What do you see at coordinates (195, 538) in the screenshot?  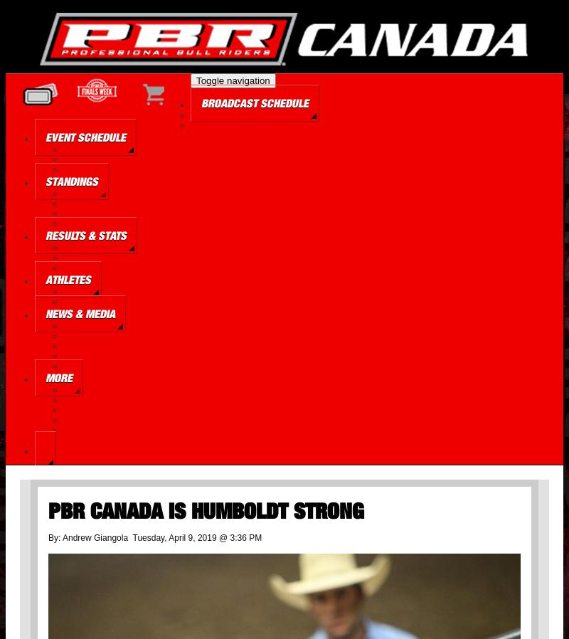 I see `'Tuesday, April 9, 2019 @ 3:36 PM'` at bounding box center [195, 538].